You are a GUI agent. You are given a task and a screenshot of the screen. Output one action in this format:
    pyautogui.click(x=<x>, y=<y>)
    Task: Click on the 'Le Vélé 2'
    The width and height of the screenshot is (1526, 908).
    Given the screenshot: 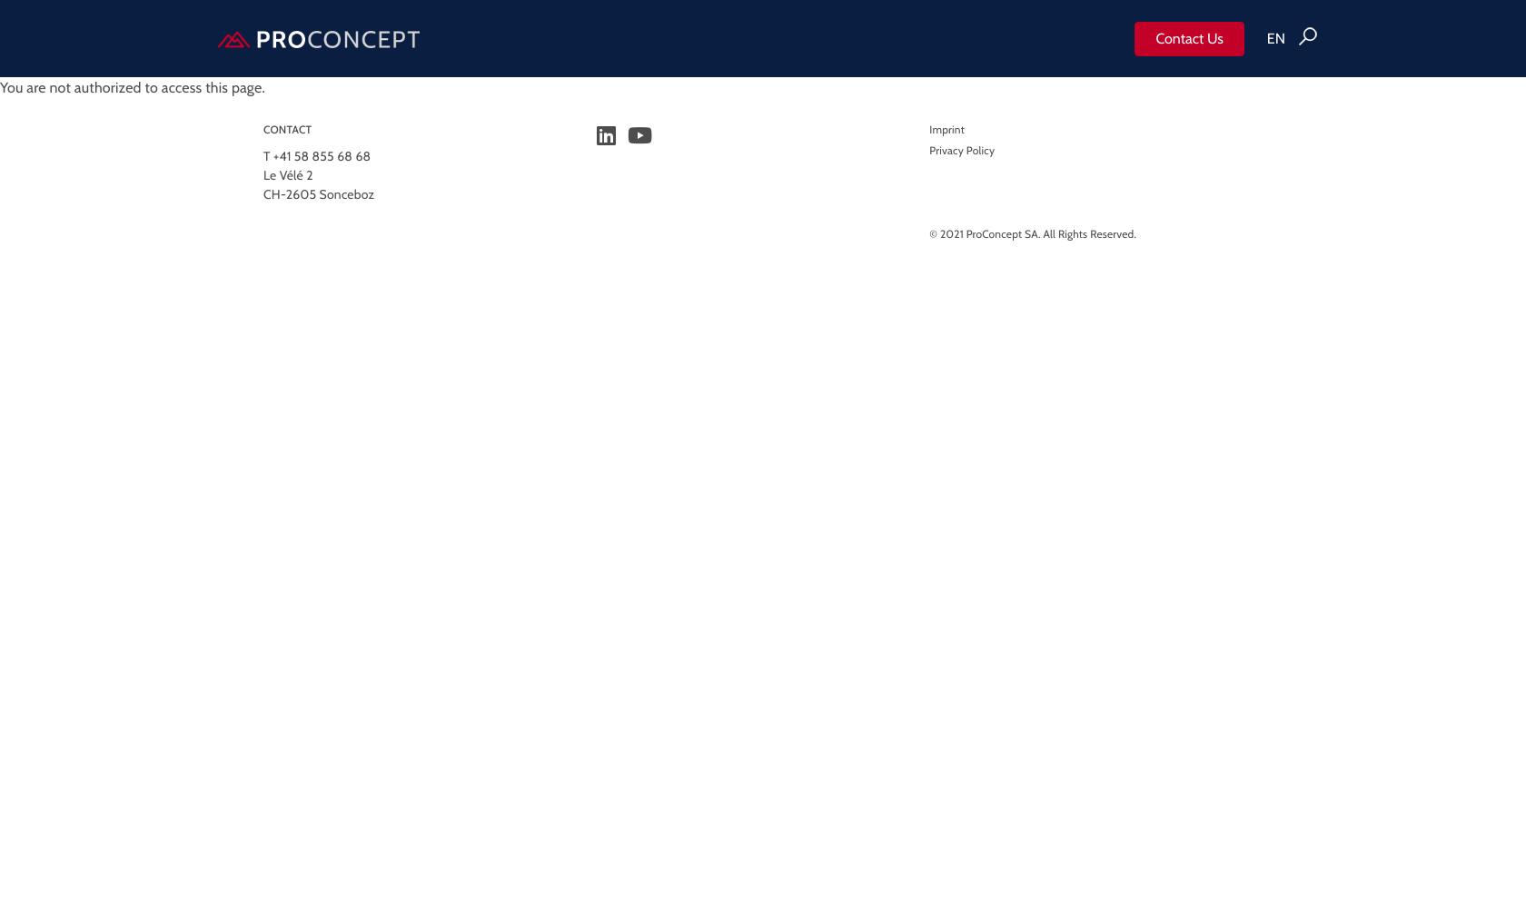 What is the action you would take?
    pyautogui.click(x=288, y=173)
    